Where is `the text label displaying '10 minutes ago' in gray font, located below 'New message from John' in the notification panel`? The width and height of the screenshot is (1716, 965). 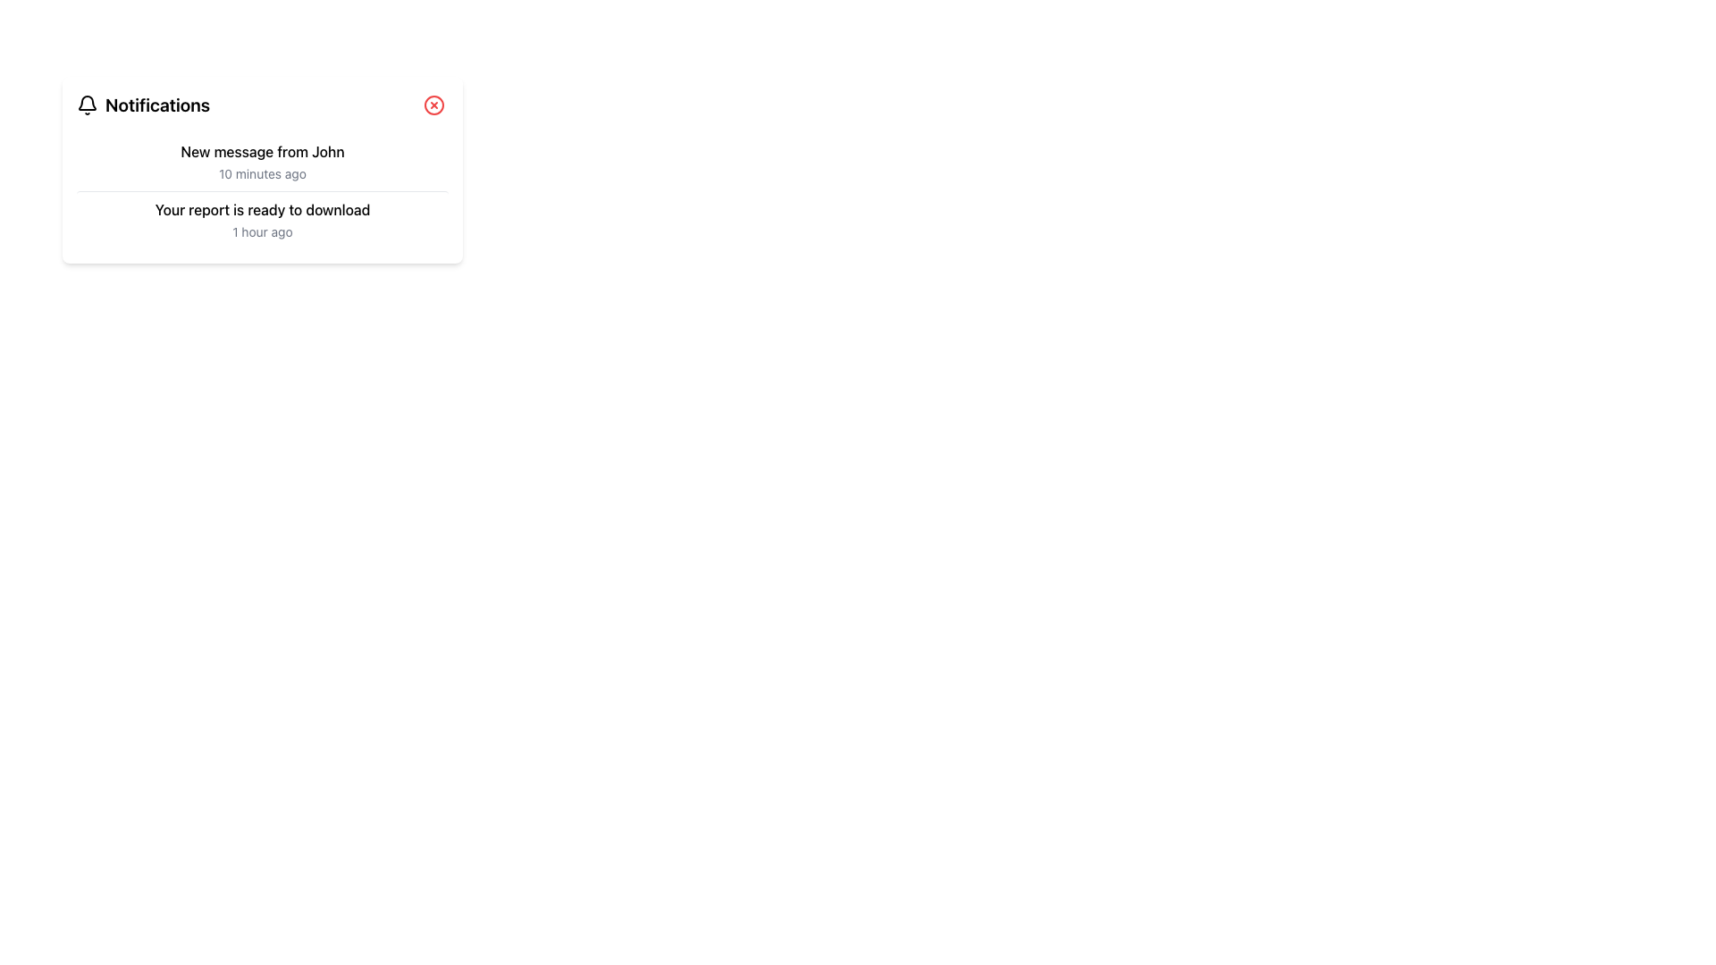 the text label displaying '10 minutes ago' in gray font, located below 'New message from John' in the notification panel is located at coordinates (261, 173).